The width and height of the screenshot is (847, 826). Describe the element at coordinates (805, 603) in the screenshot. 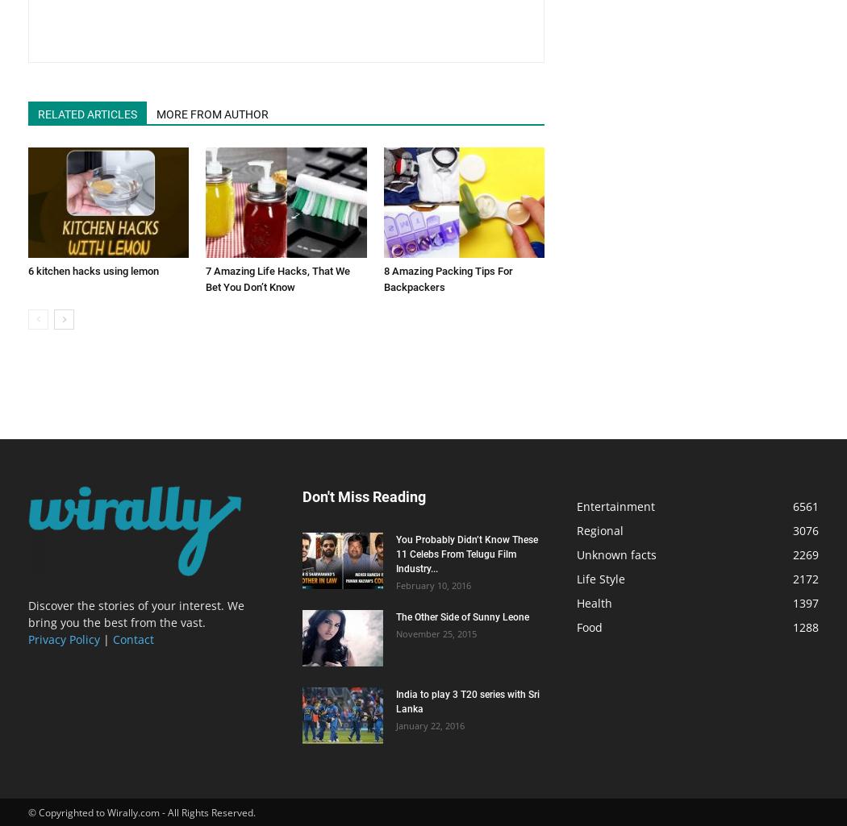

I see `'1397'` at that location.